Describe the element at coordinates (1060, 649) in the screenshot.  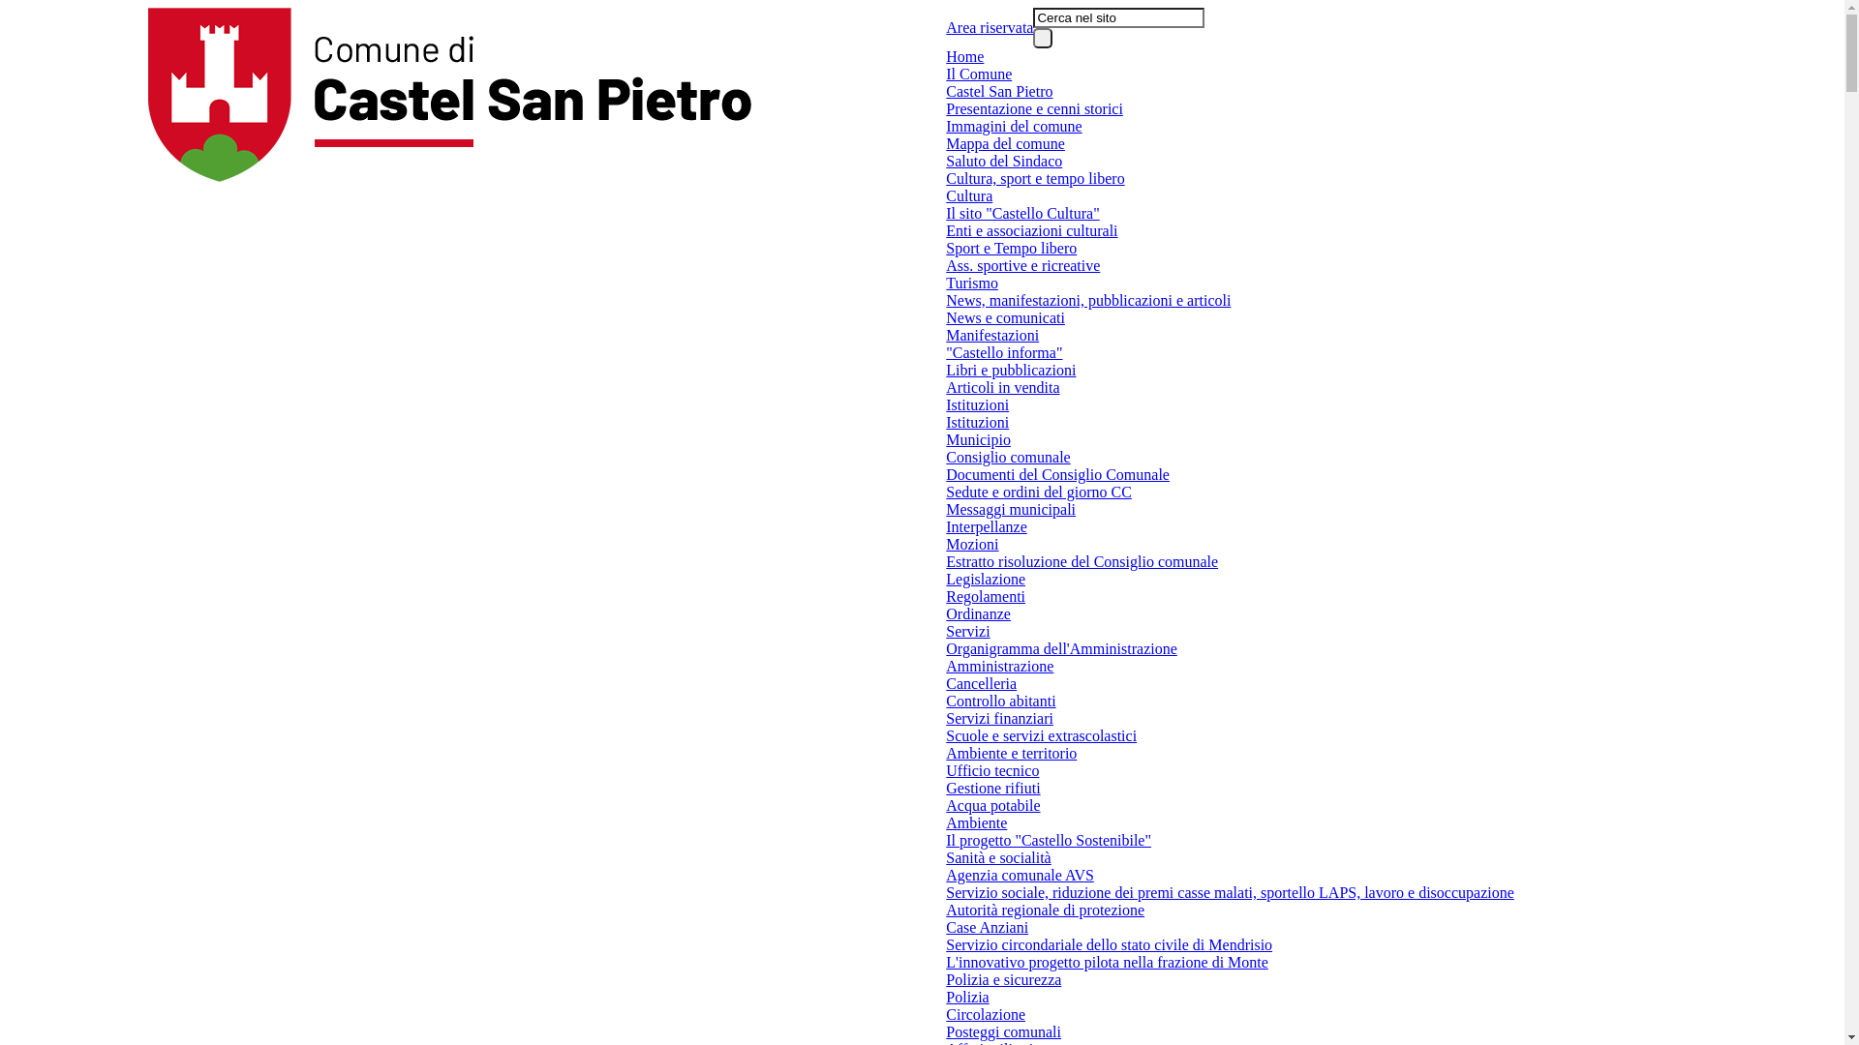
I see `'Organigramma dell'Amministrazione'` at that location.